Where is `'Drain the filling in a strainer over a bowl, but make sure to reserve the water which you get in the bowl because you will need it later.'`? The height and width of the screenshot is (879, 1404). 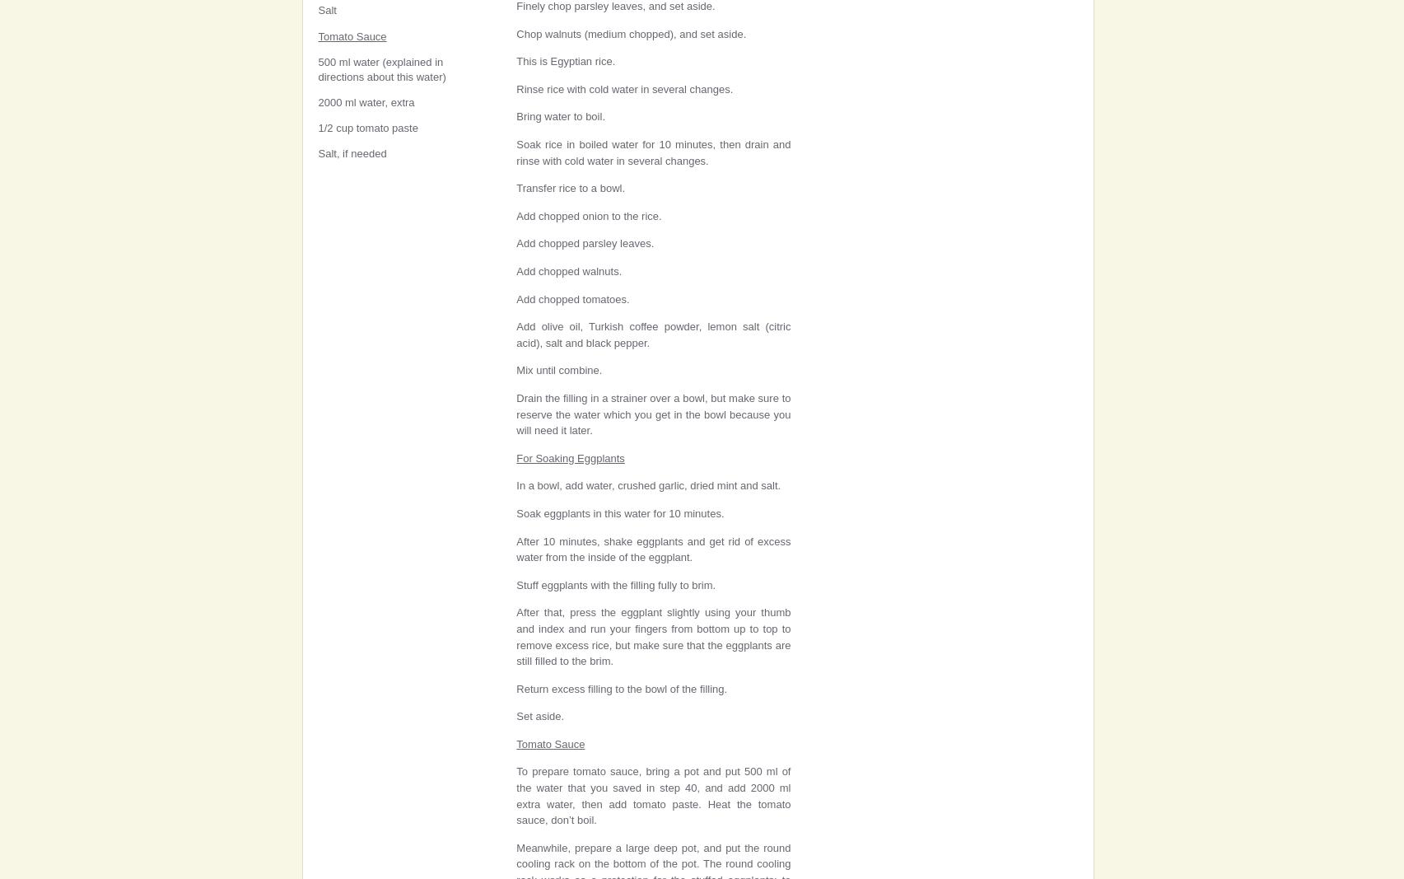 'Drain the filling in a strainer over a bowl, but make sure to reserve the water which you get in the bowl because you will need it later.' is located at coordinates (653, 413).